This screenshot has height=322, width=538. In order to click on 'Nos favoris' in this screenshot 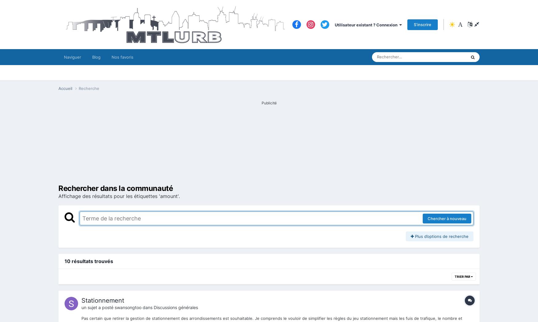, I will do `click(122, 56)`.